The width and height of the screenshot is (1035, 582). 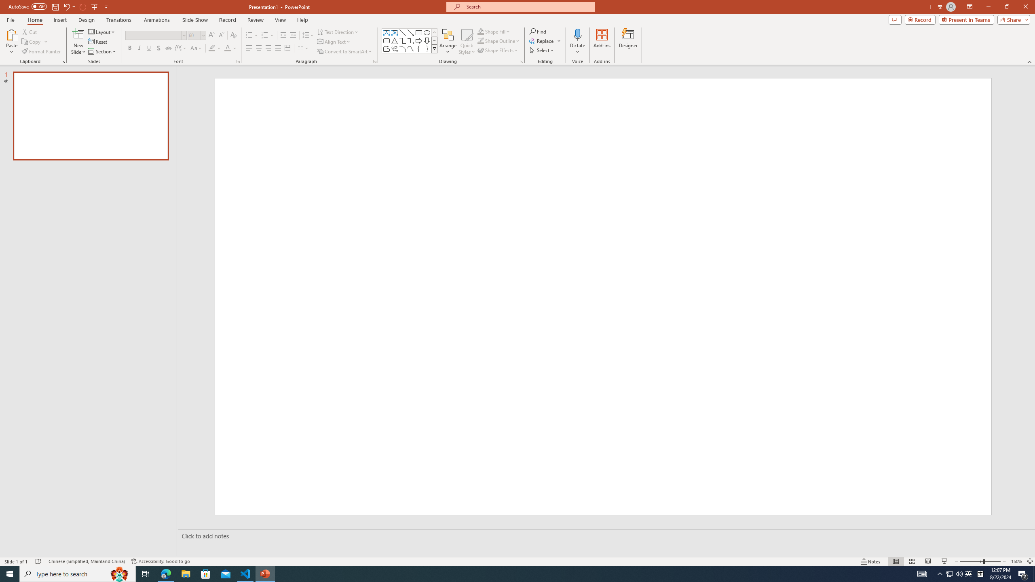 What do you see at coordinates (538, 31) in the screenshot?
I see `'Find...'` at bounding box center [538, 31].